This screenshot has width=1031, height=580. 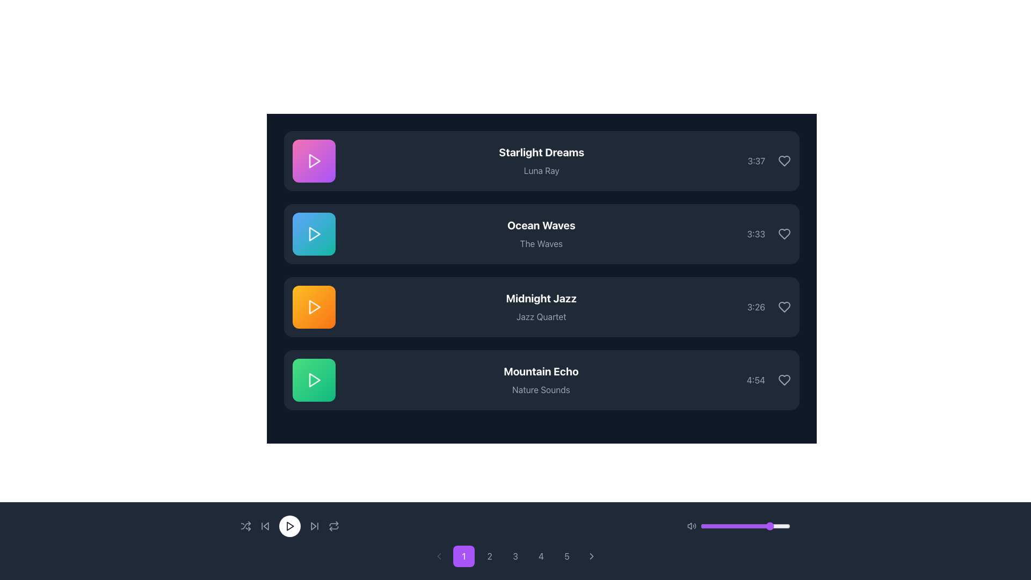 What do you see at coordinates (784, 380) in the screenshot?
I see `the heart-shaped icon button located at the bottommost row of the list` at bounding box center [784, 380].